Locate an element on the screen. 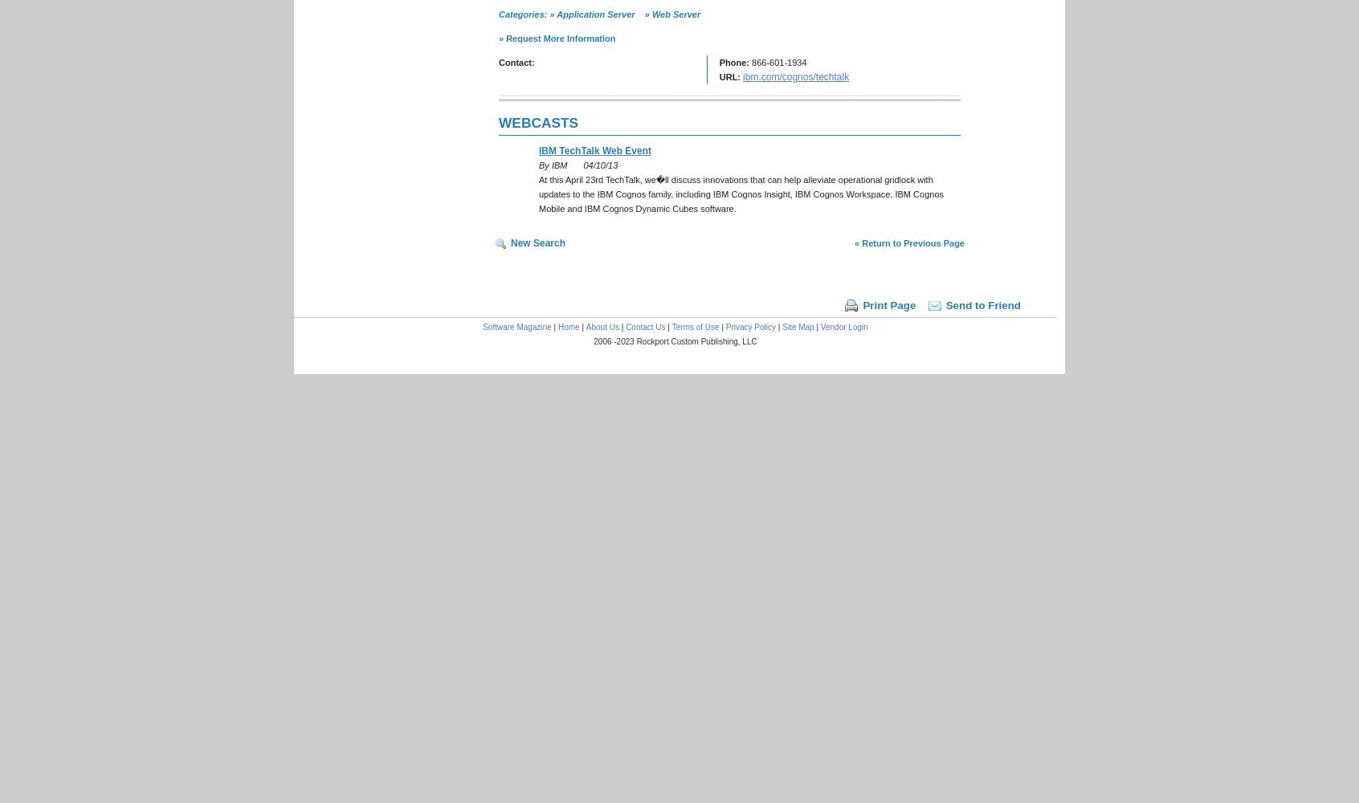 This screenshot has width=1359, height=803. 'Phone:' is located at coordinates (733, 62).